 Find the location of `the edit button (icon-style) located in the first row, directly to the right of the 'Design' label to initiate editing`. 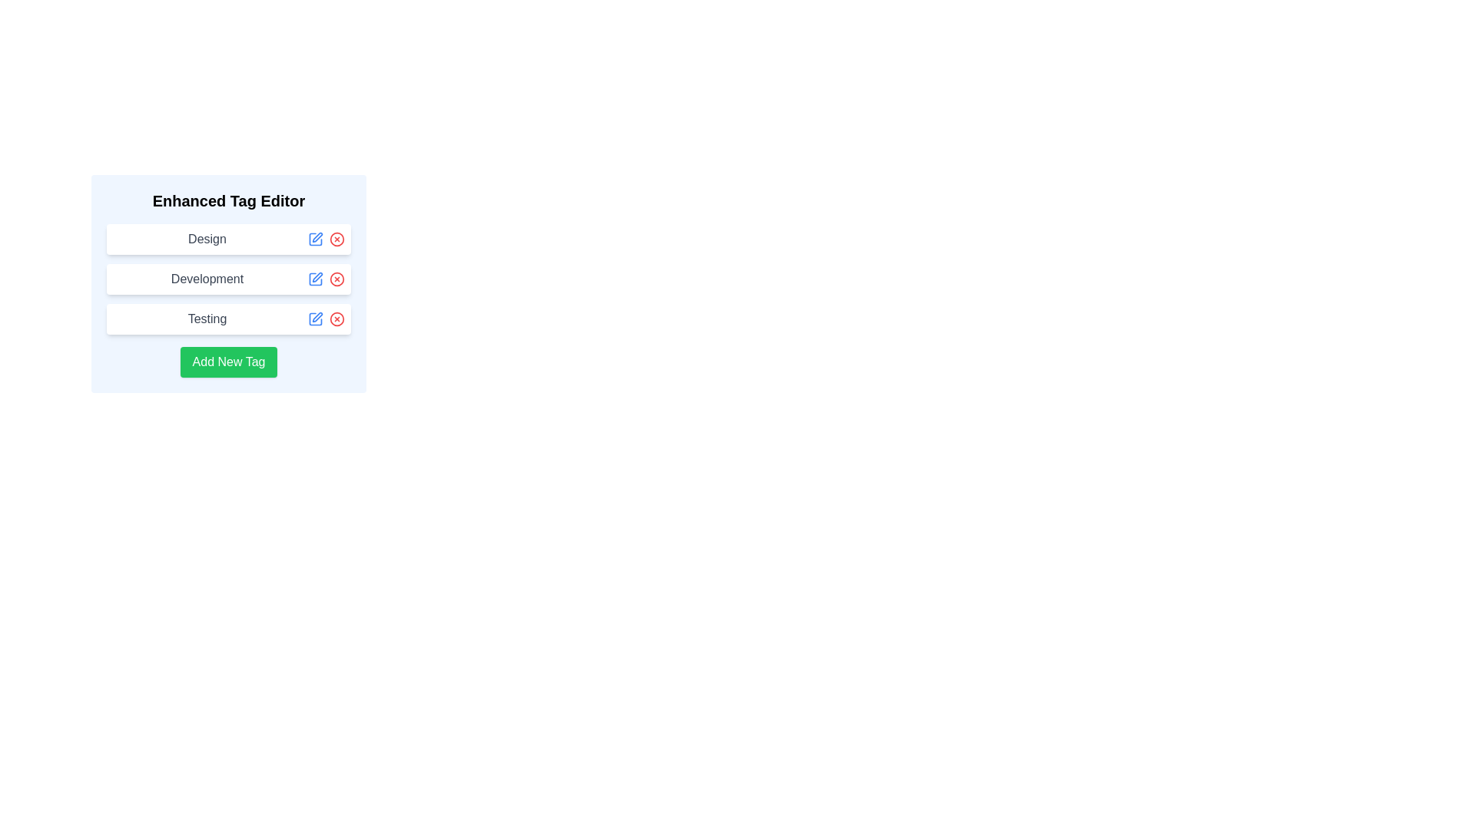

the edit button (icon-style) located in the first row, directly to the right of the 'Design' label to initiate editing is located at coordinates (315, 239).